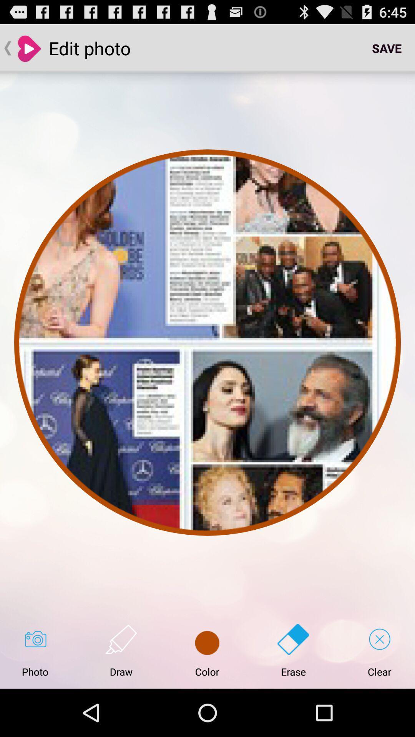  What do you see at coordinates (293, 650) in the screenshot?
I see `the erase` at bounding box center [293, 650].